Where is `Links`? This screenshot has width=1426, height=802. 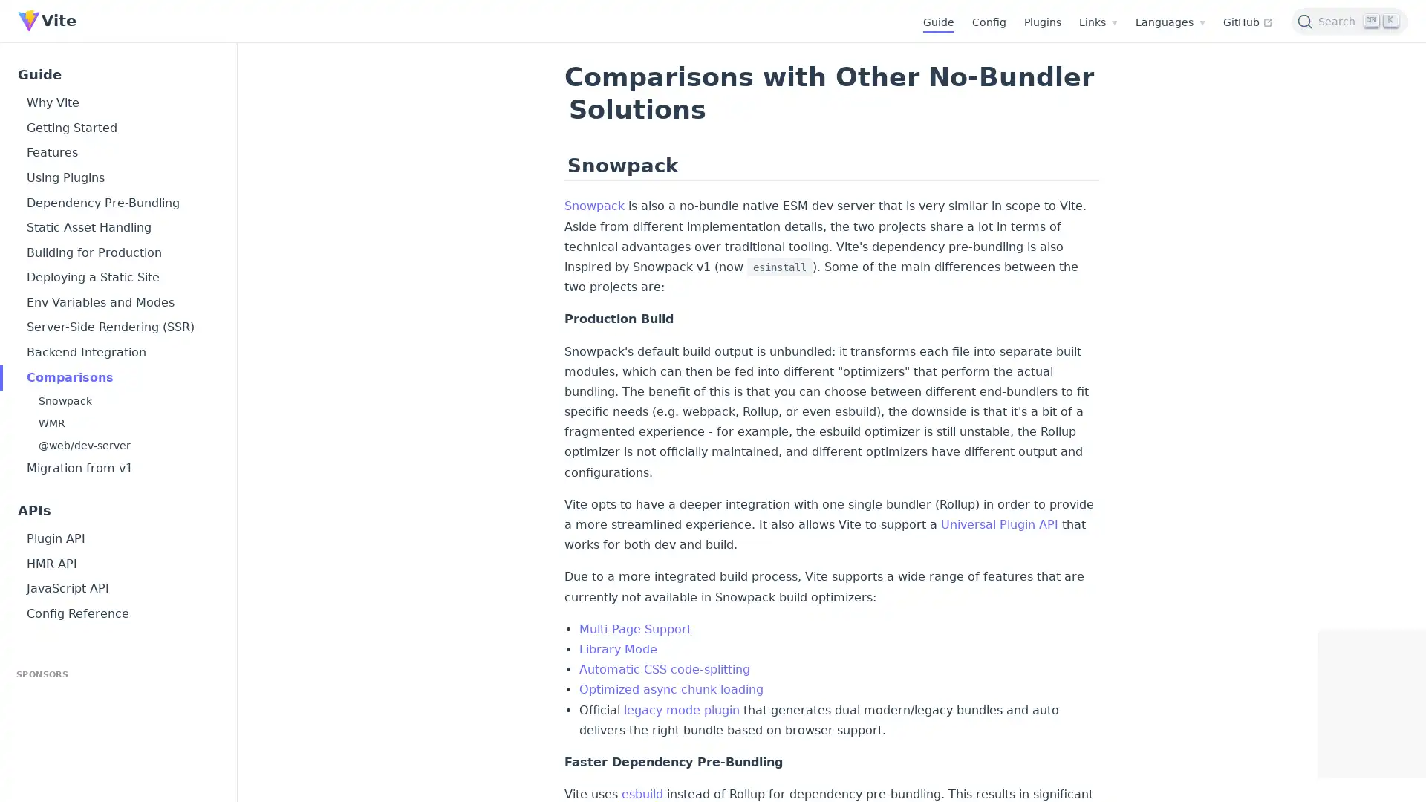 Links is located at coordinates (1098, 22).